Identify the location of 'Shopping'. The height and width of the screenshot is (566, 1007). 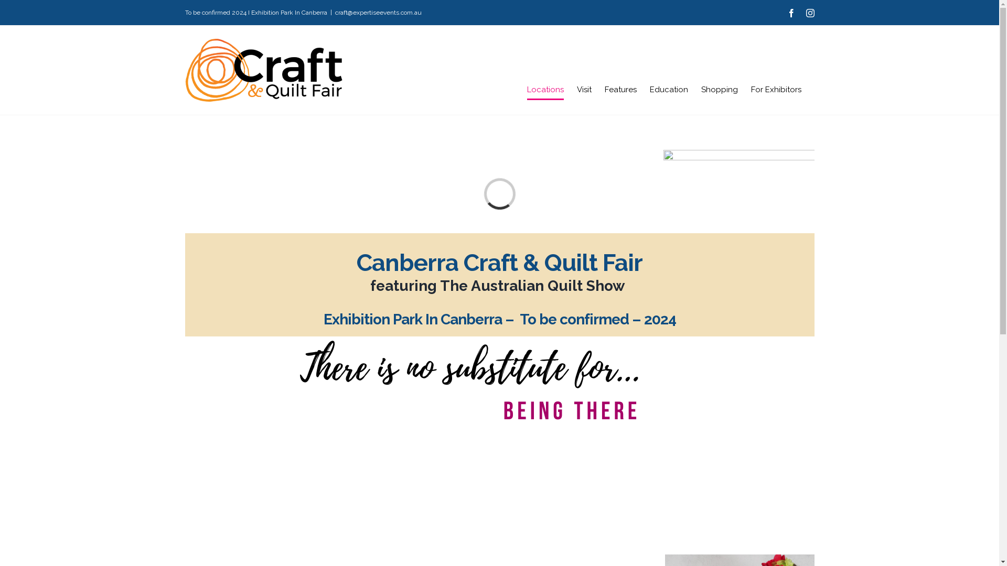
(719, 89).